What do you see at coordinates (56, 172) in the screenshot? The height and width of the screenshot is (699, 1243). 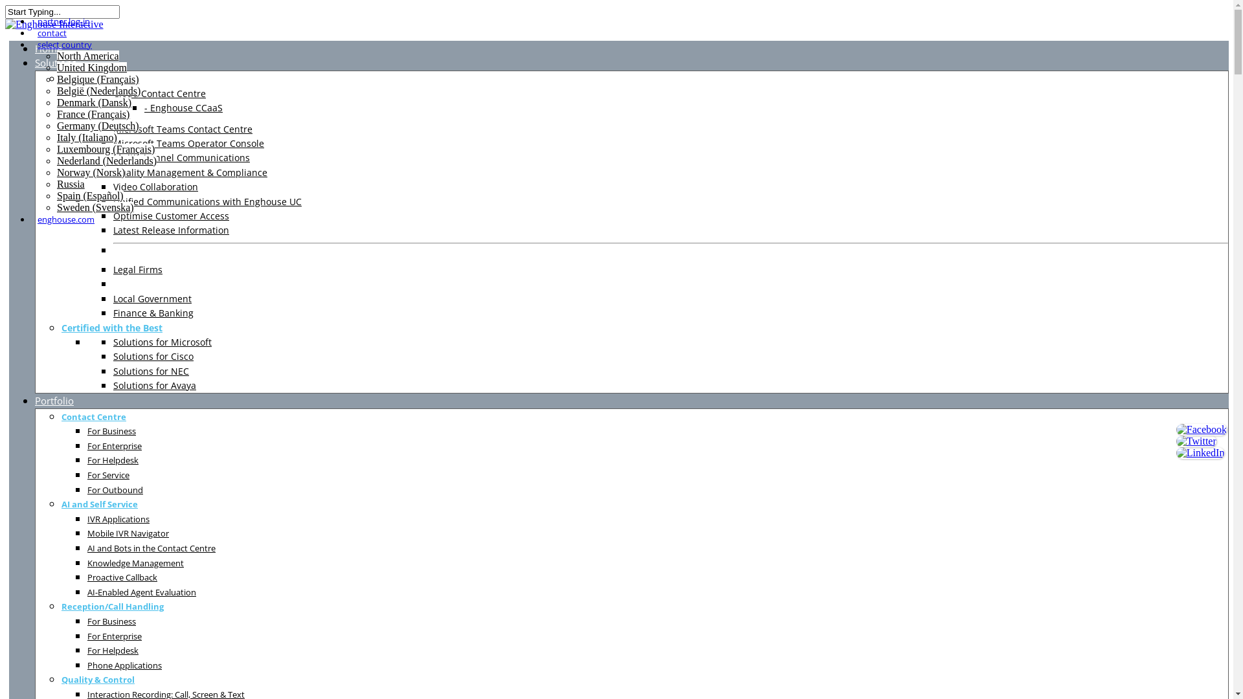 I see `'Norway (Norsk)'` at bounding box center [56, 172].